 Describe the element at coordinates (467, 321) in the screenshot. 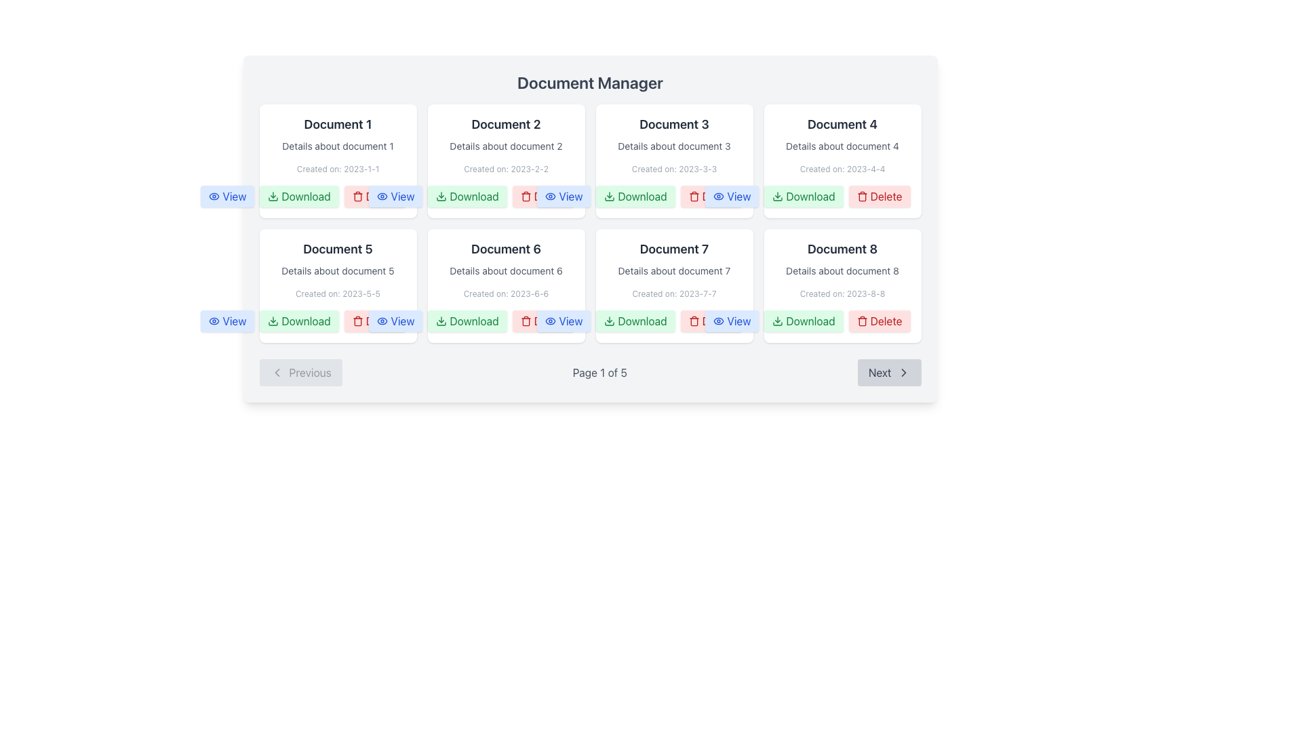

I see `the 'Download' button associated with 'Document 6' in the second row of the document grid to initiate the download process` at that location.